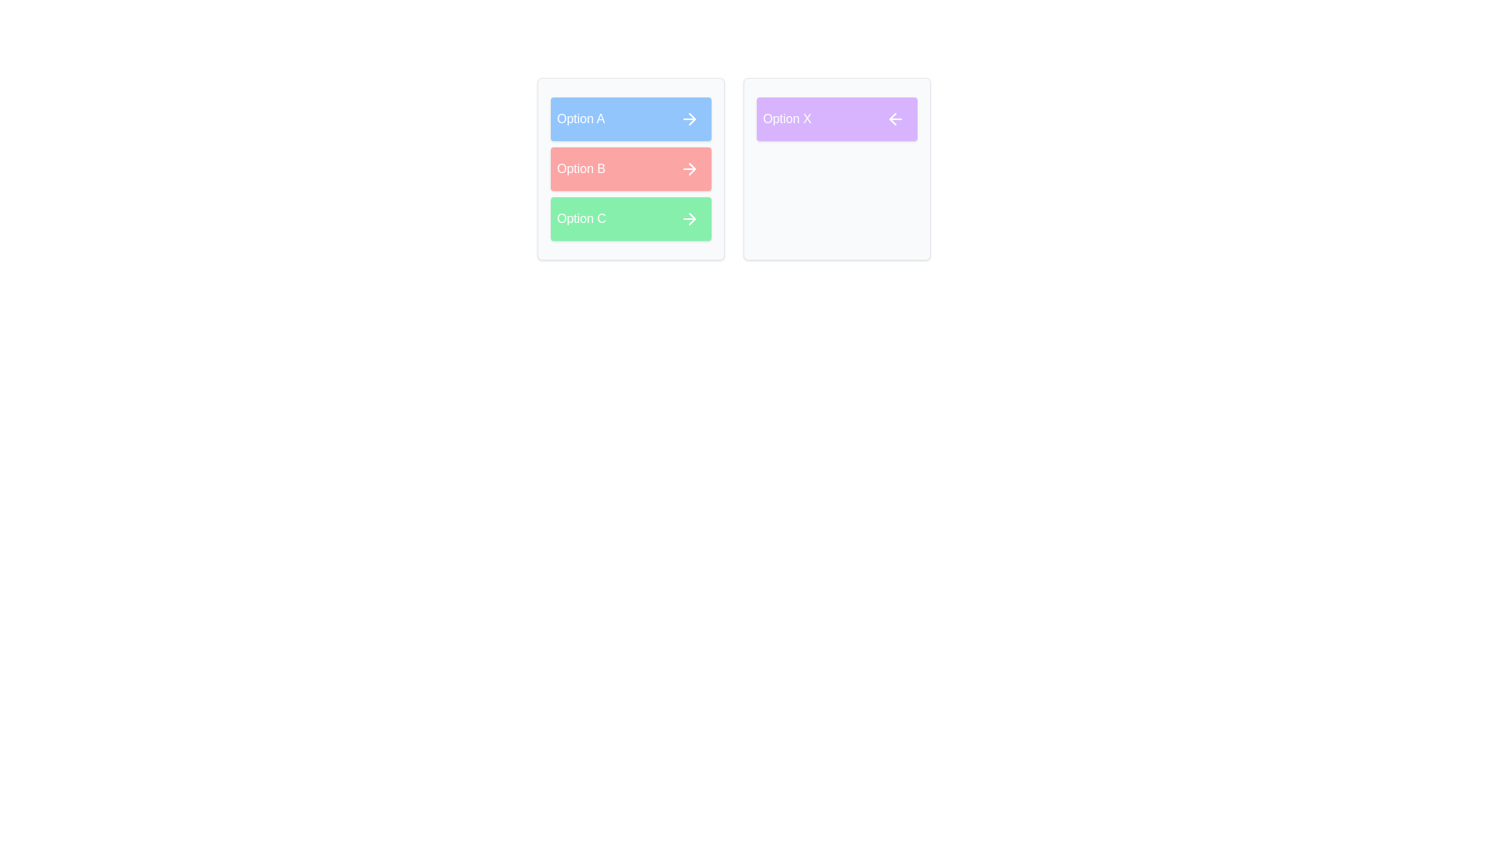 Image resolution: width=1498 pixels, height=842 pixels. Describe the element at coordinates (836, 119) in the screenshot. I see `the item Option X in the target list to view its details` at that location.